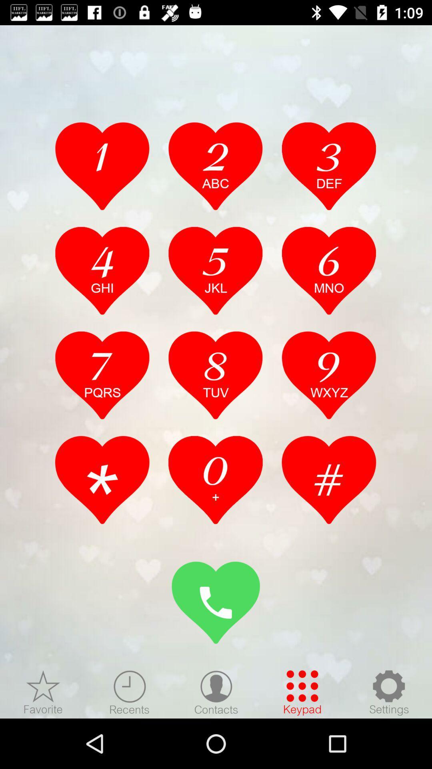  Describe the element at coordinates (329, 480) in the screenshot. I see `hashtag key select` at that location.